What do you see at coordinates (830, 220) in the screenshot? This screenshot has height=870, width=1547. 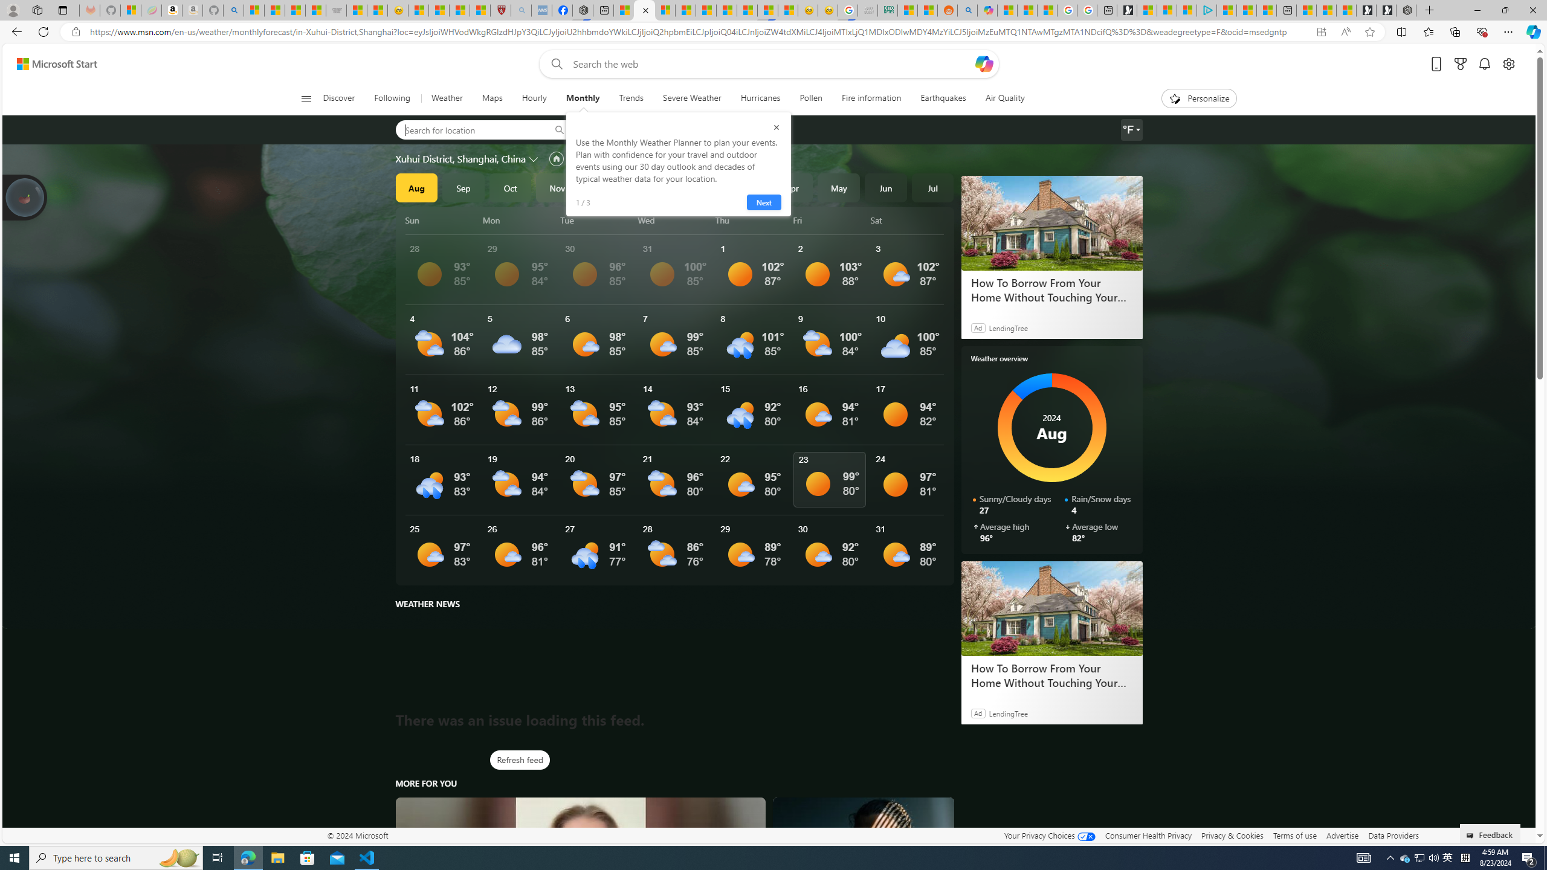 I see `'Fri'` at bounding box center [830, 220].